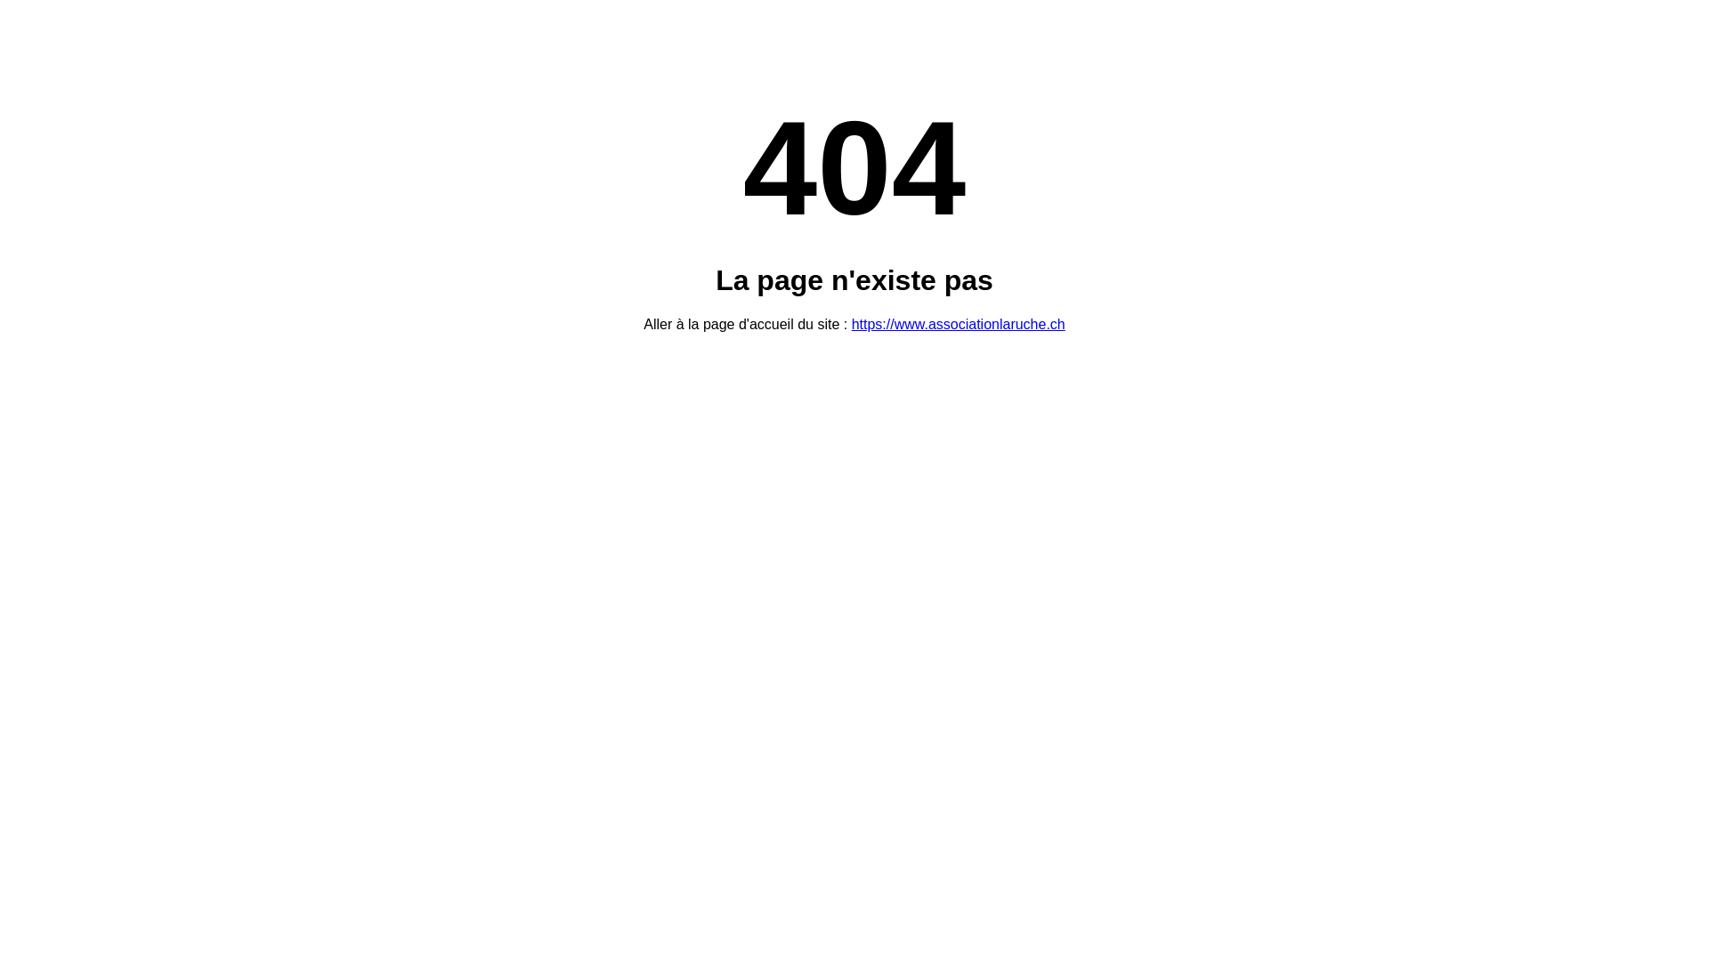 This screenshot has width=1709, height=961. I want to click on 'https://www.associationlaruche.ch', so click(957, 324).